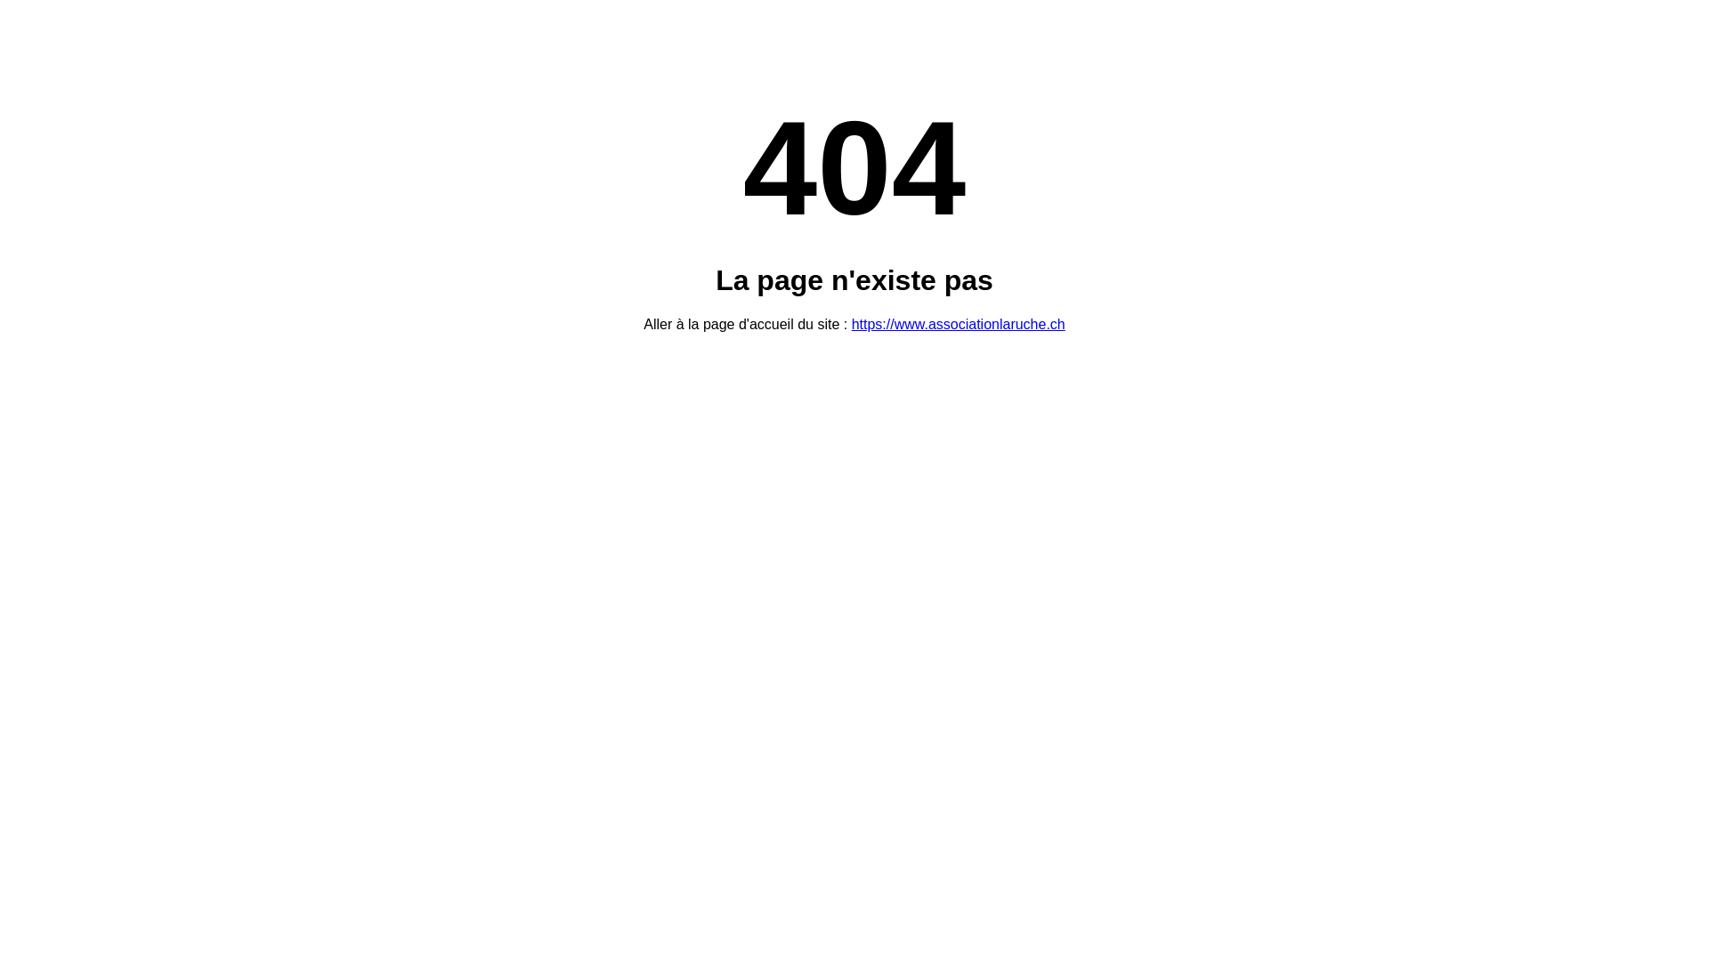 This screenshot has width=1709, height=961. I want to click on 'https://www.associationlaruche.ch', so click(957, 324).